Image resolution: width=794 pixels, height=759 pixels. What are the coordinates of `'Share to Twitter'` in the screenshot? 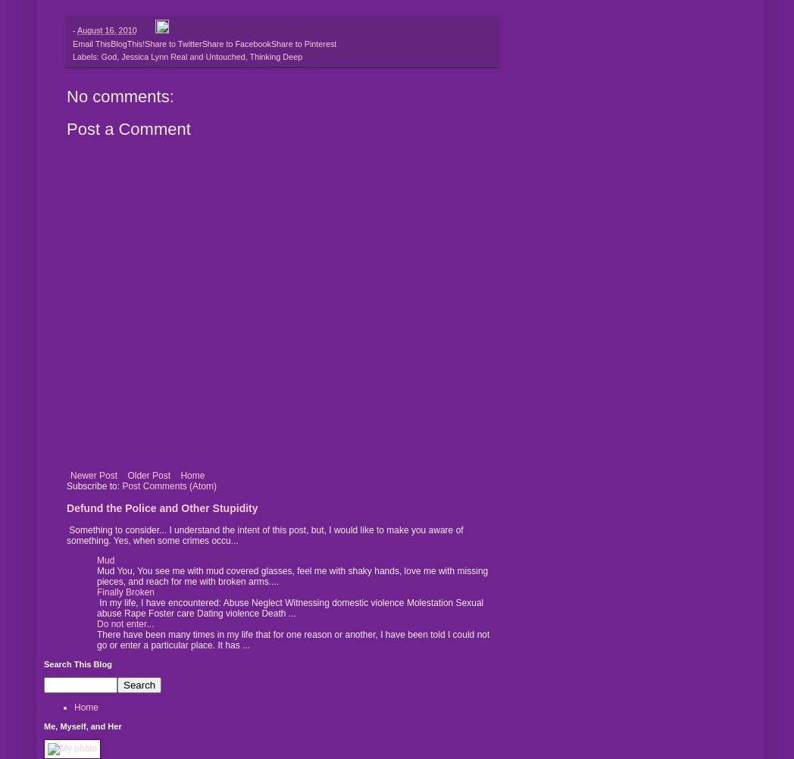 It's located at (173, 43).